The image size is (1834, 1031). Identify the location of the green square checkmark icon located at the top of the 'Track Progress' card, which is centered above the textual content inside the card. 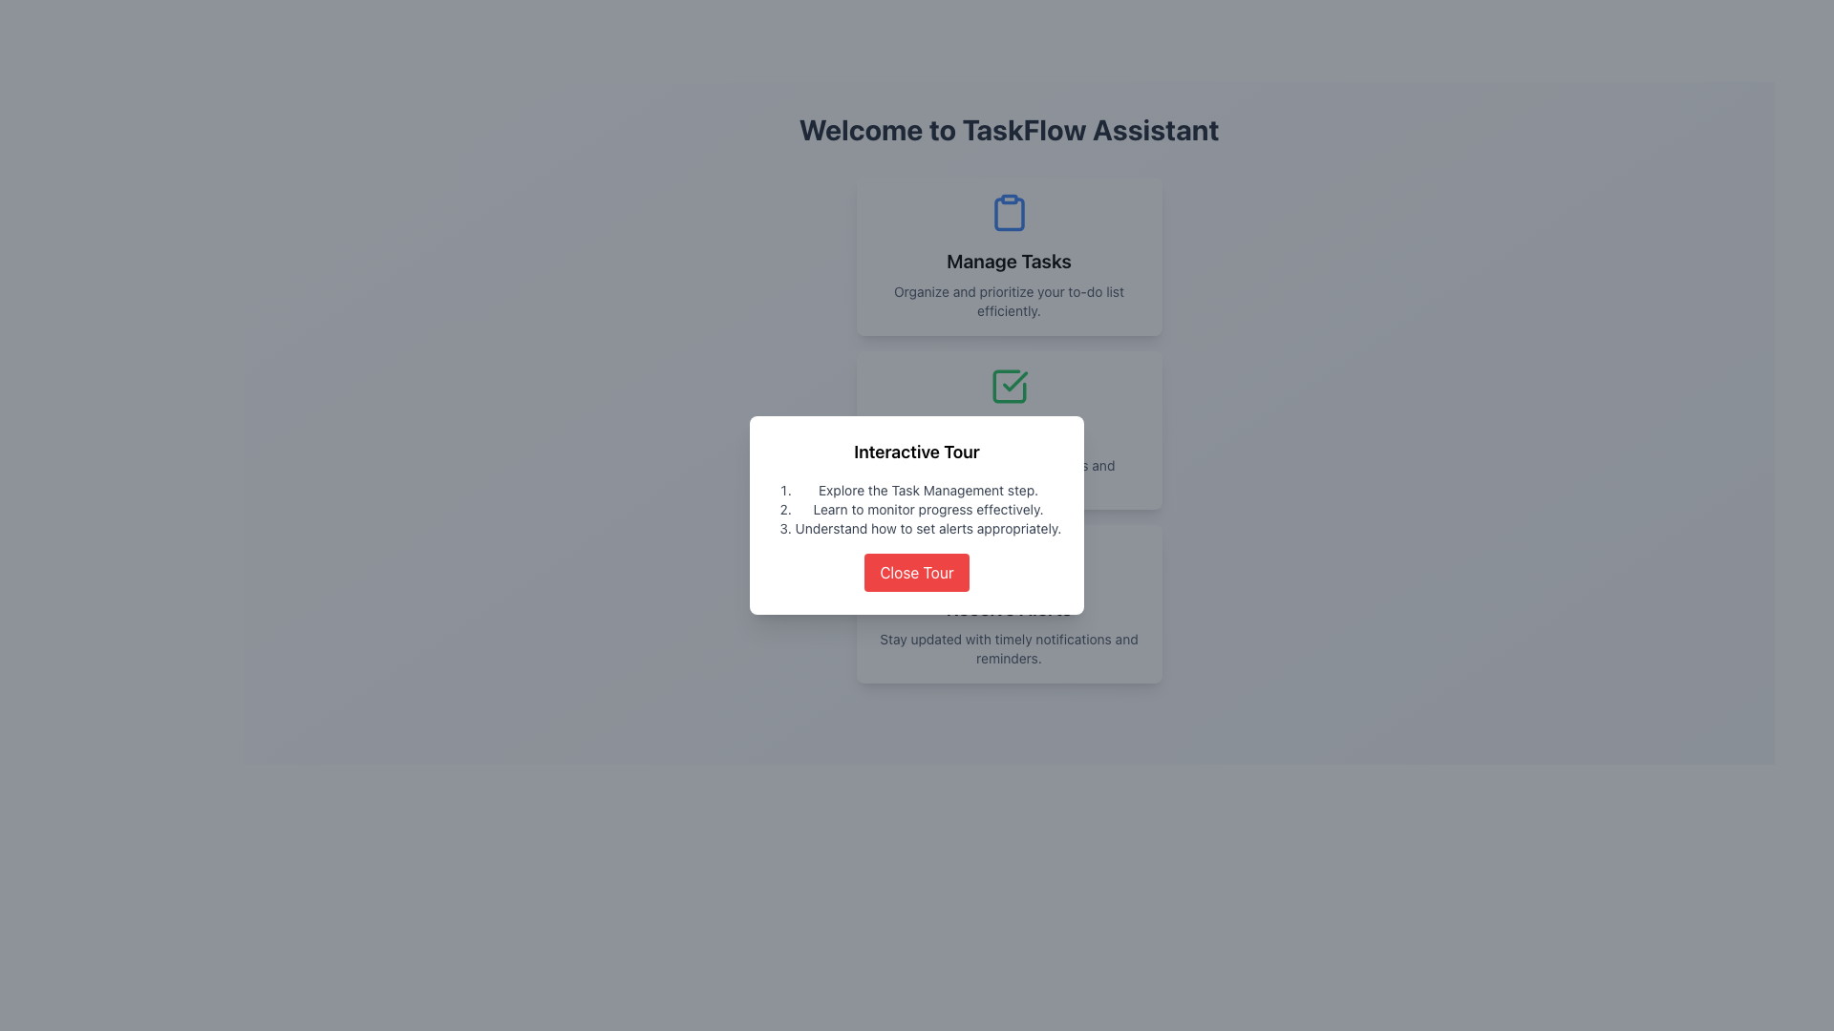
(1008, 387).